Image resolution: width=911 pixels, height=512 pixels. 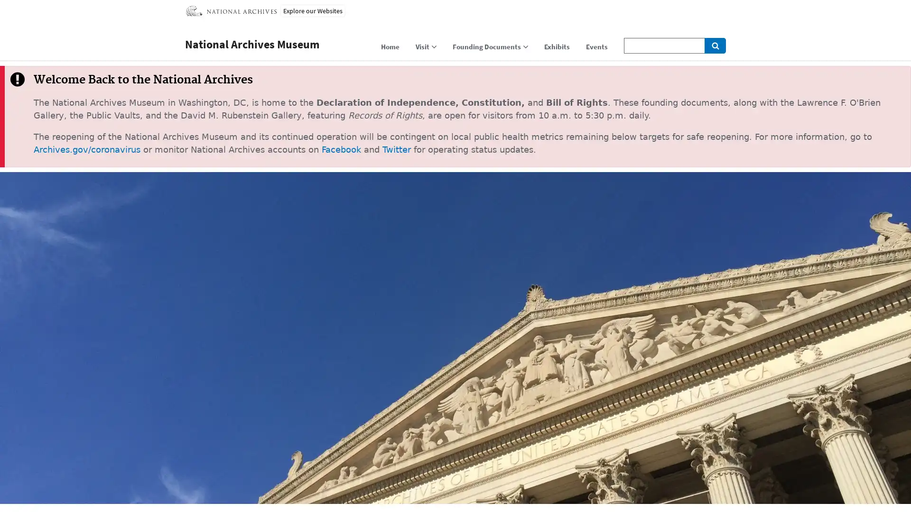 I want to click on Search, so click(x=715, y=46).